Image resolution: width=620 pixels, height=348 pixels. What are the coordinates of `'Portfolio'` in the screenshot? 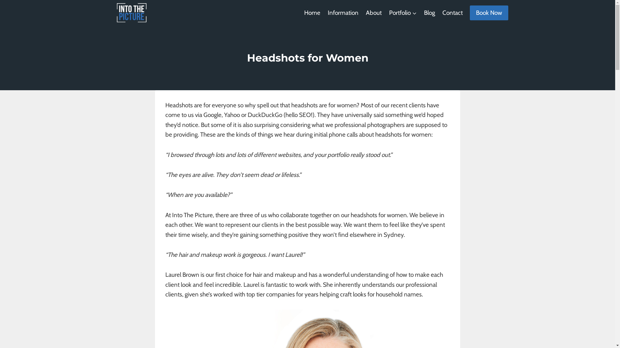 It's located at (402, 13).